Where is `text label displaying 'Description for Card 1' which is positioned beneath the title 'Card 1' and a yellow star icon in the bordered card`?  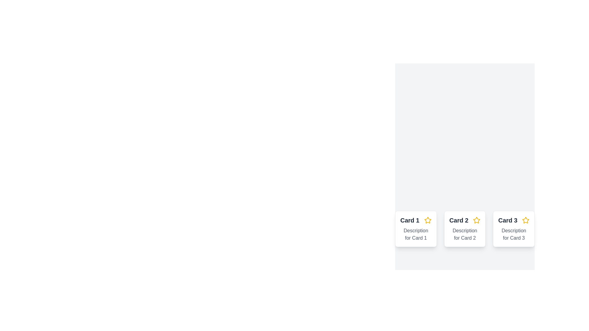 text label displaying 'Description for Card 1' which is positioned beneath the title 'Card 1' and a yellow star icon in the bordered card is located at coordinates (416, 234).